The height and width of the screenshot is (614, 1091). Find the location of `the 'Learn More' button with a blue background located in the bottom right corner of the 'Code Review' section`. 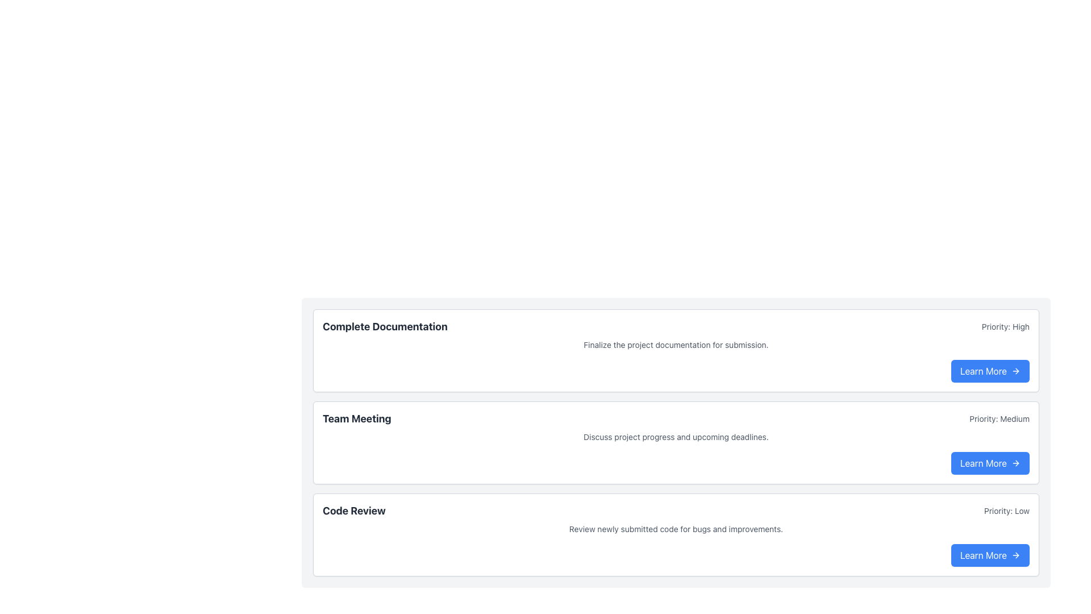

the 'Learn More' button with a blue background located in the bottom right corner of the 'Code Review' section is located at coordinates (989, 554).